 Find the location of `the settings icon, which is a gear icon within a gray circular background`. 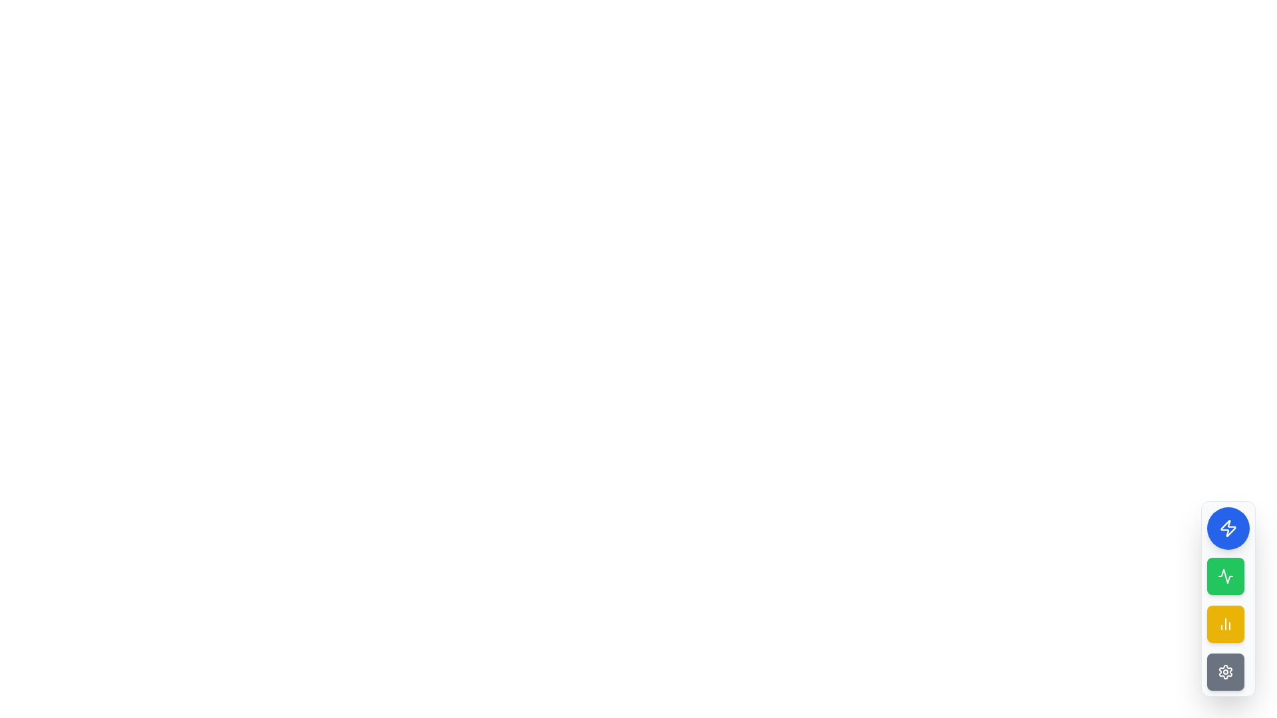

the settings icon, which is a gear icon within a gray circular background is located at coordinates (1225, 671).